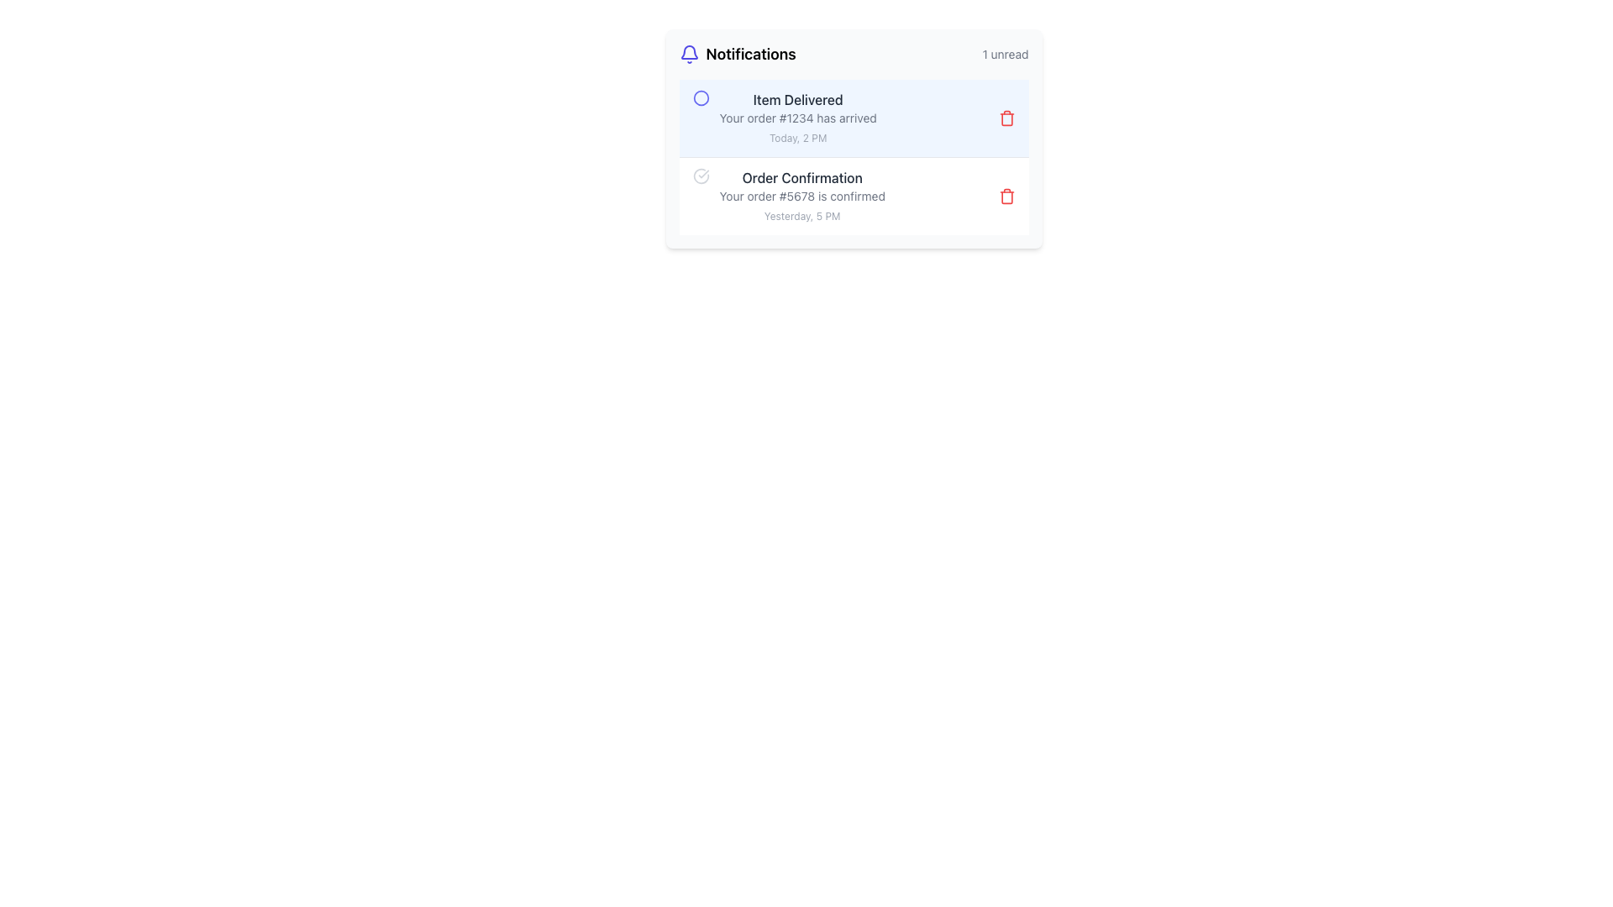 The width and height of the screenshot is (1613, 907). I want to click on the 'Order Confirmation' notification entry, so click(788, 196).